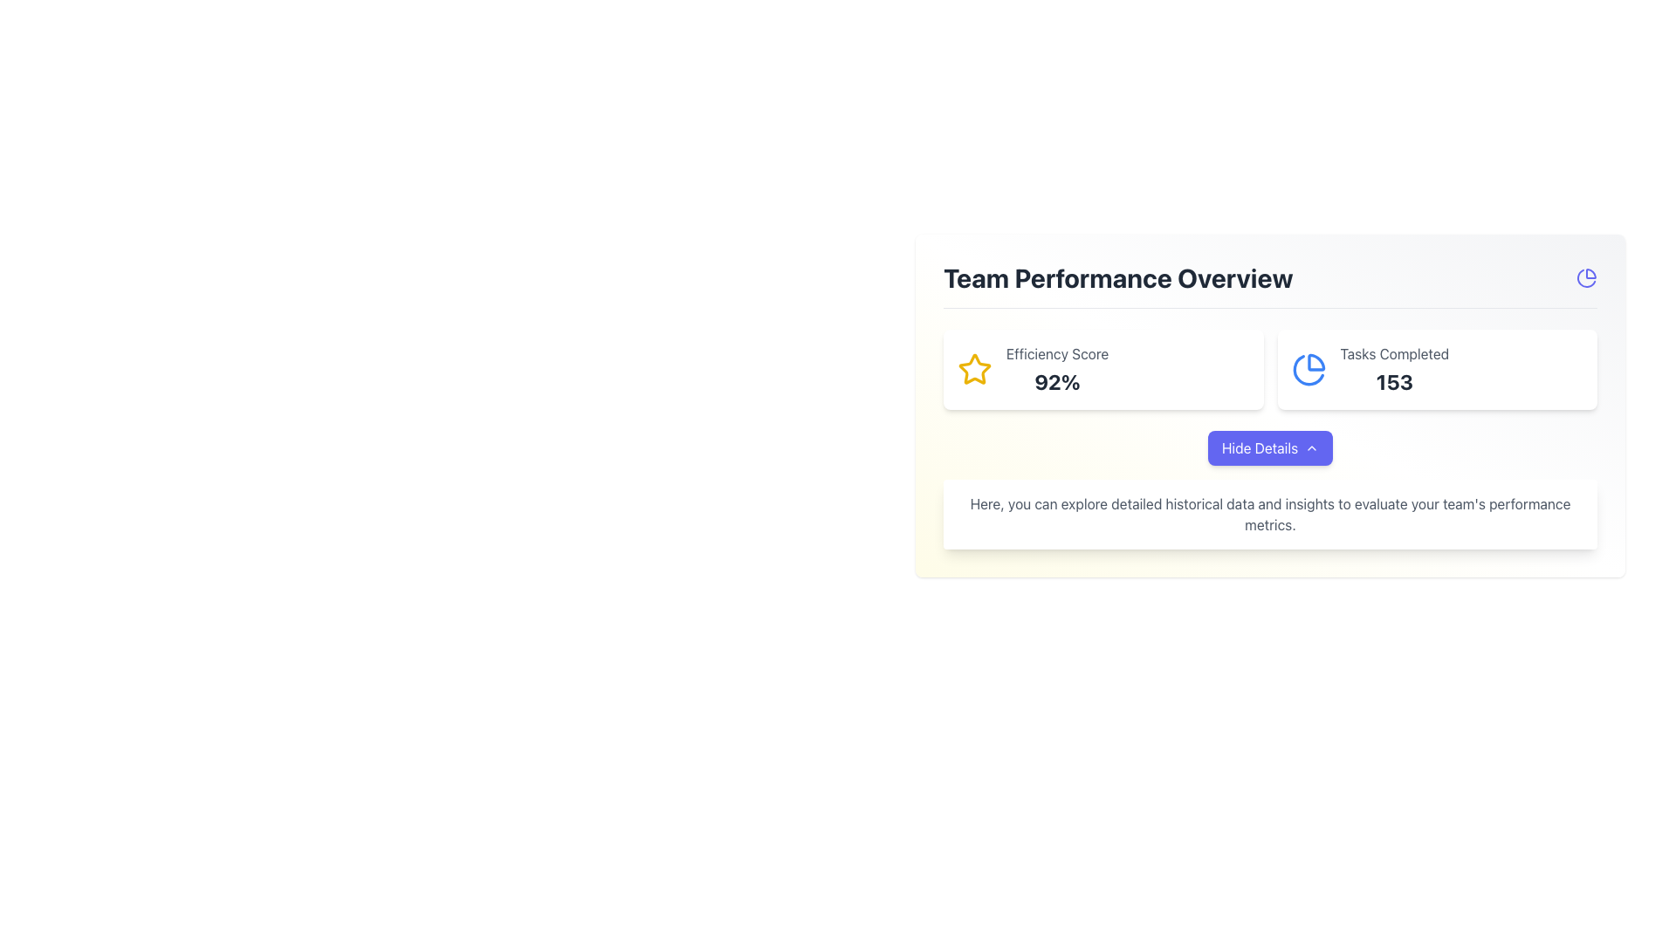 Image resolution: width=1676 pixels, height=942 pixels. What do you see at coordinates (1309, 369) in the screenshot?
I see `the icon representing task completion located to the left of the number '153' in the 'Tasks Completed 153' card as a static representation` at bounding box center [1309, 369].